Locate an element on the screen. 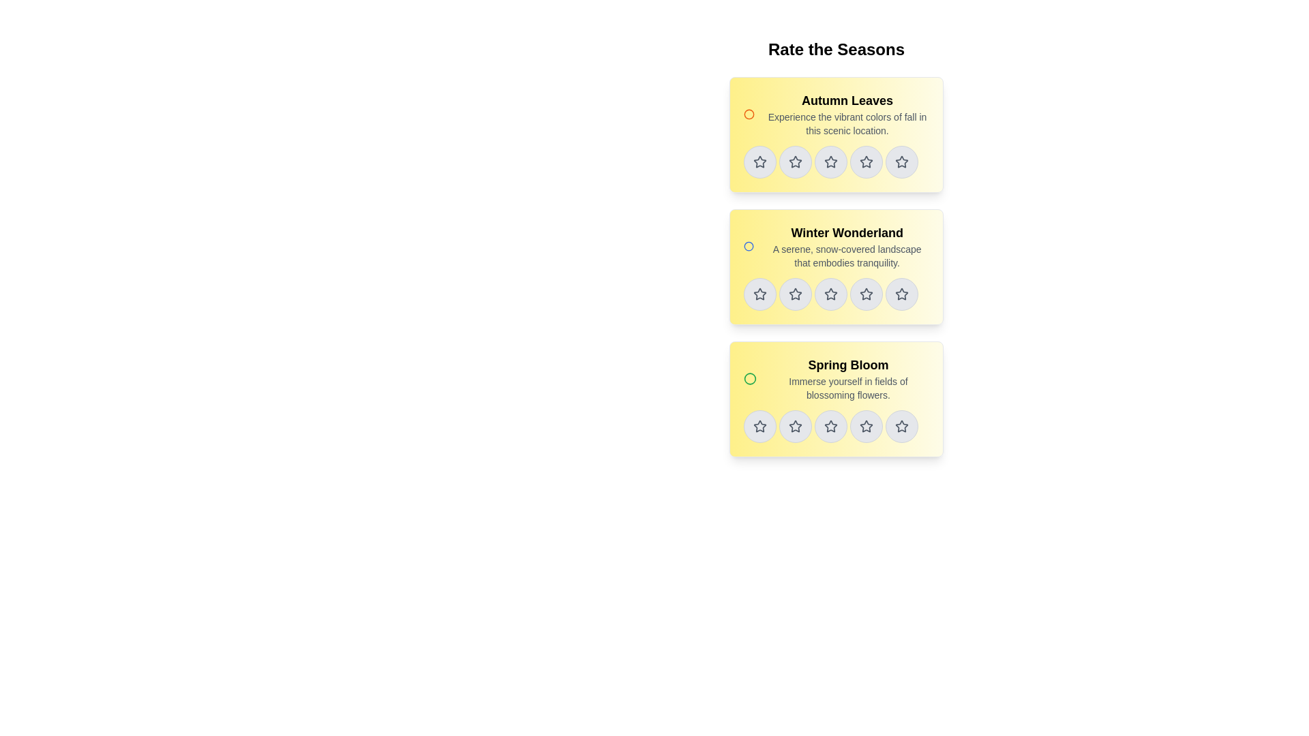 The height and width of the screenshot is (736, 1309). the fifth button in the horizontal row under the 'Winter Wonderland' heading is located at coordinates (902, 294).